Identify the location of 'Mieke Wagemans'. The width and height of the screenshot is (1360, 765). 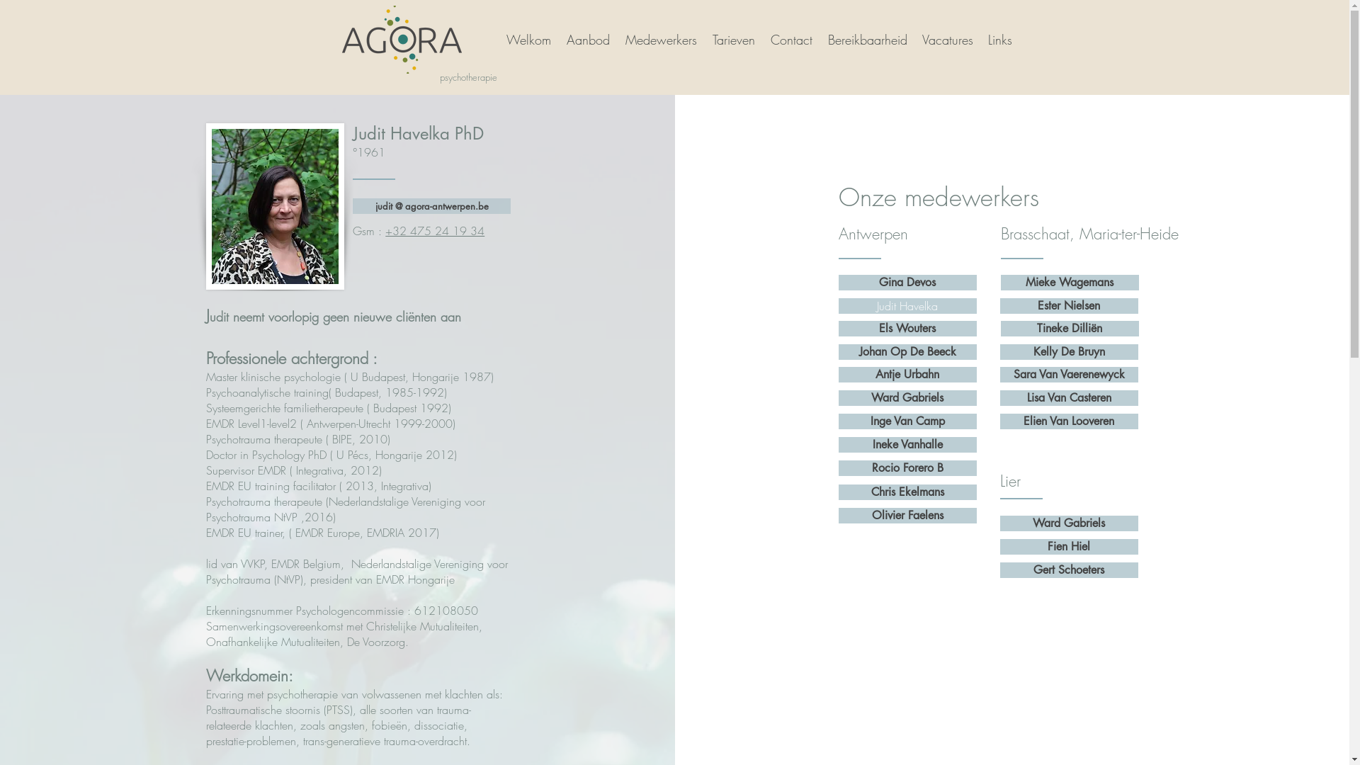
(999, 282).